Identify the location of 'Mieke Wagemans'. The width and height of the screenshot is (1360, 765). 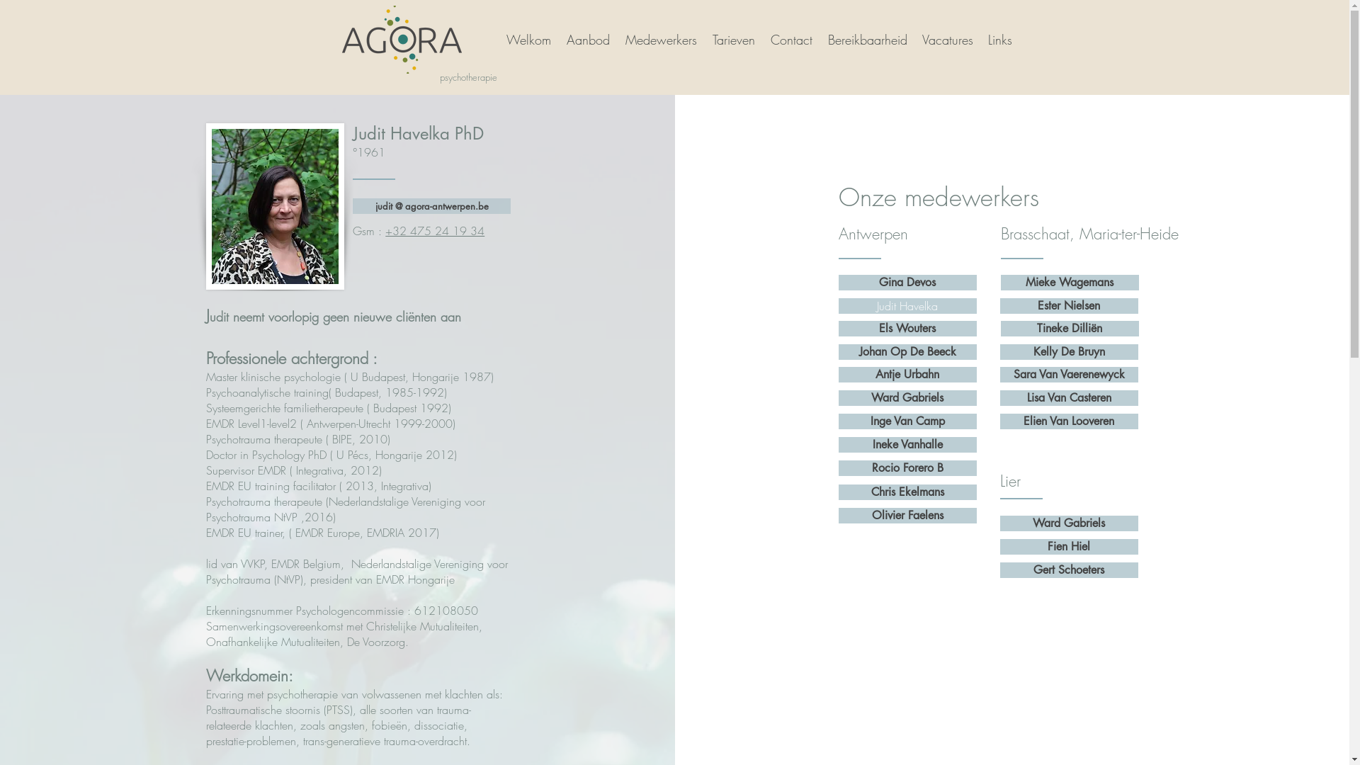
(999, 282).